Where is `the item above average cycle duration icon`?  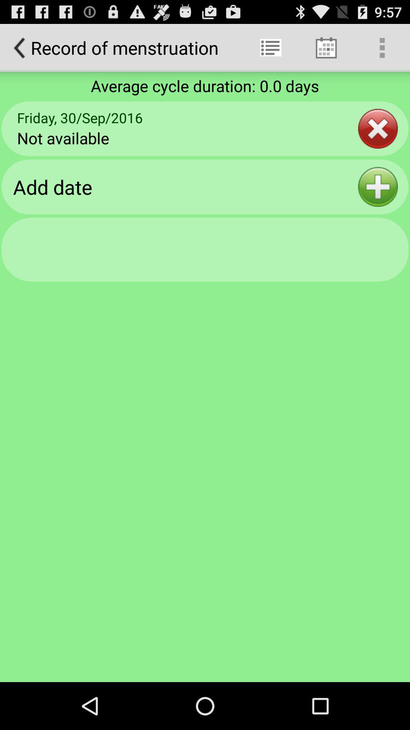 the item above average cycle duration icon is located at coordinates (382, 47).